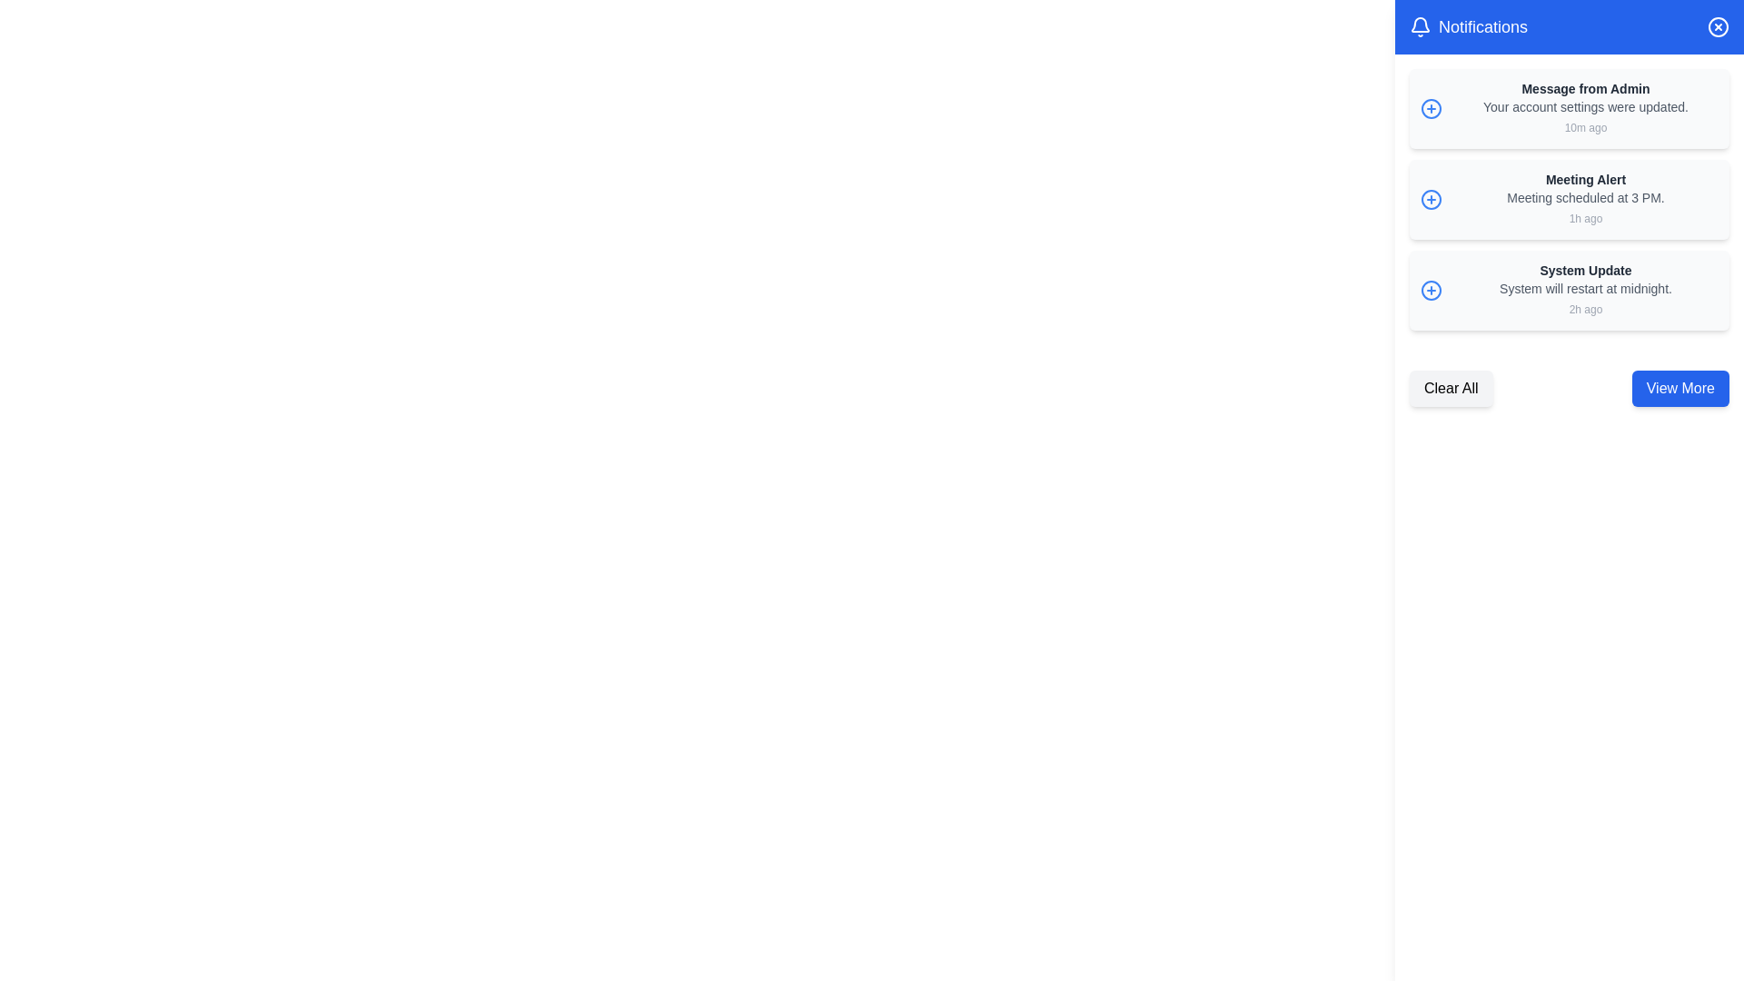  What do you see at coordinates (1717, 27) in the screenshot?
I see `the Close icon button, which is a circular icon with a cross in its center, located at the top-right corner of the Notifications header bar` at bounding box center [1717, 27].